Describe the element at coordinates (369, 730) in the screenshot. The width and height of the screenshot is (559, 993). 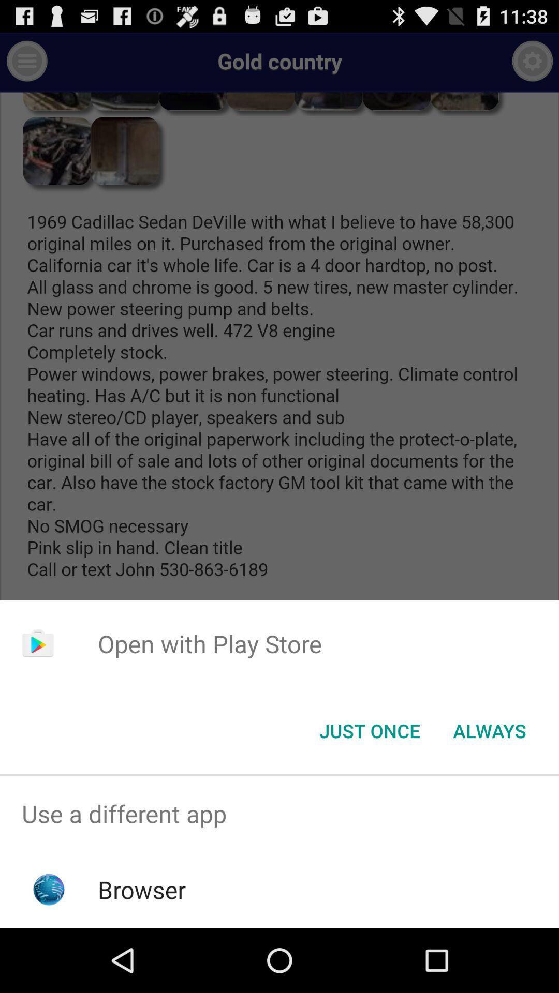
I see `the icon next to the always item` at that location.